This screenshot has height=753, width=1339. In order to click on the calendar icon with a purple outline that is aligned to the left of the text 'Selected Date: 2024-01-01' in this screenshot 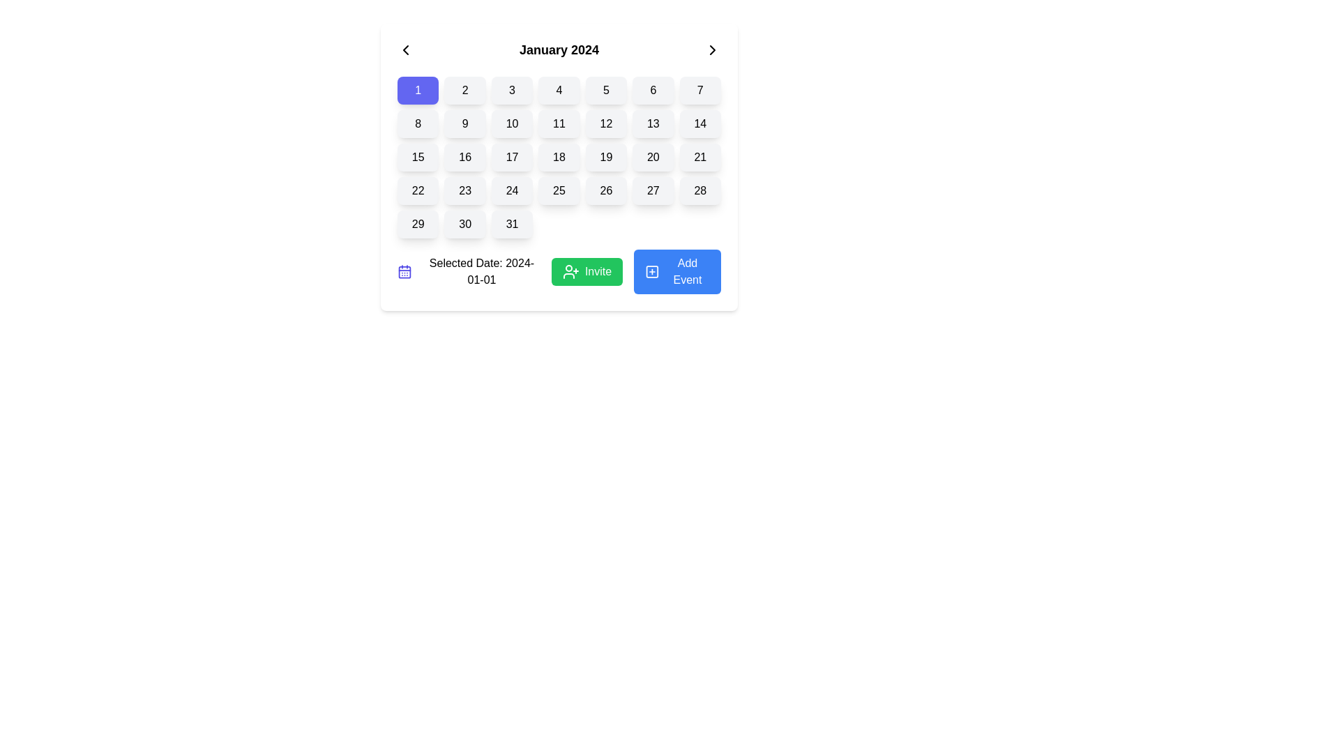, I will do `click(404, 271)`.